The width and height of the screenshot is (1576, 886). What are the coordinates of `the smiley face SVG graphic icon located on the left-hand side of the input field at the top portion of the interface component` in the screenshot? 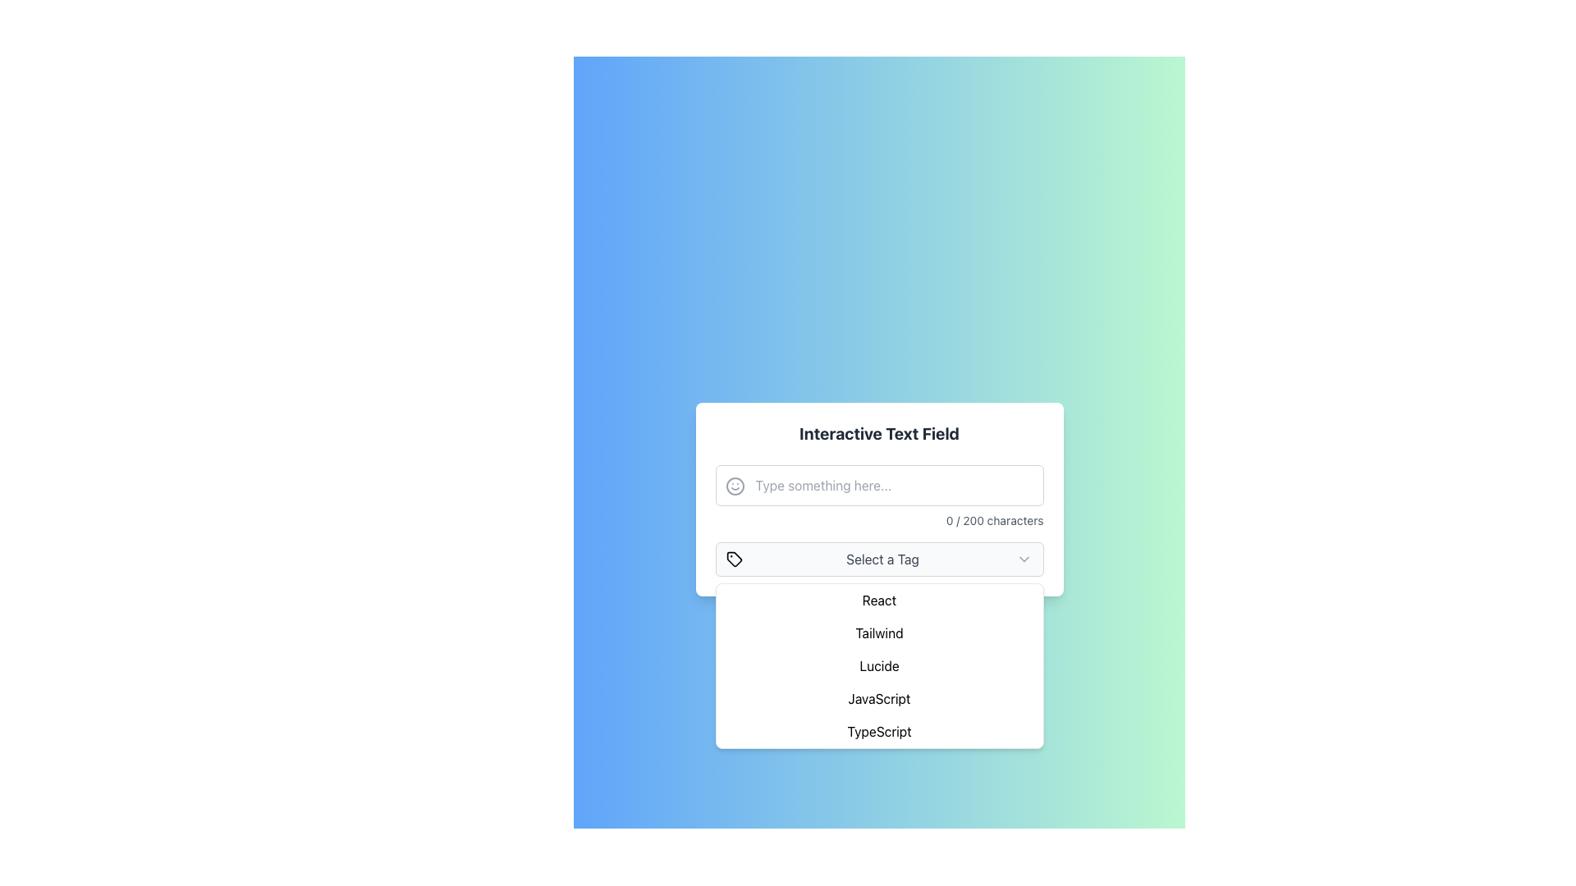 It's located at (734, 486).